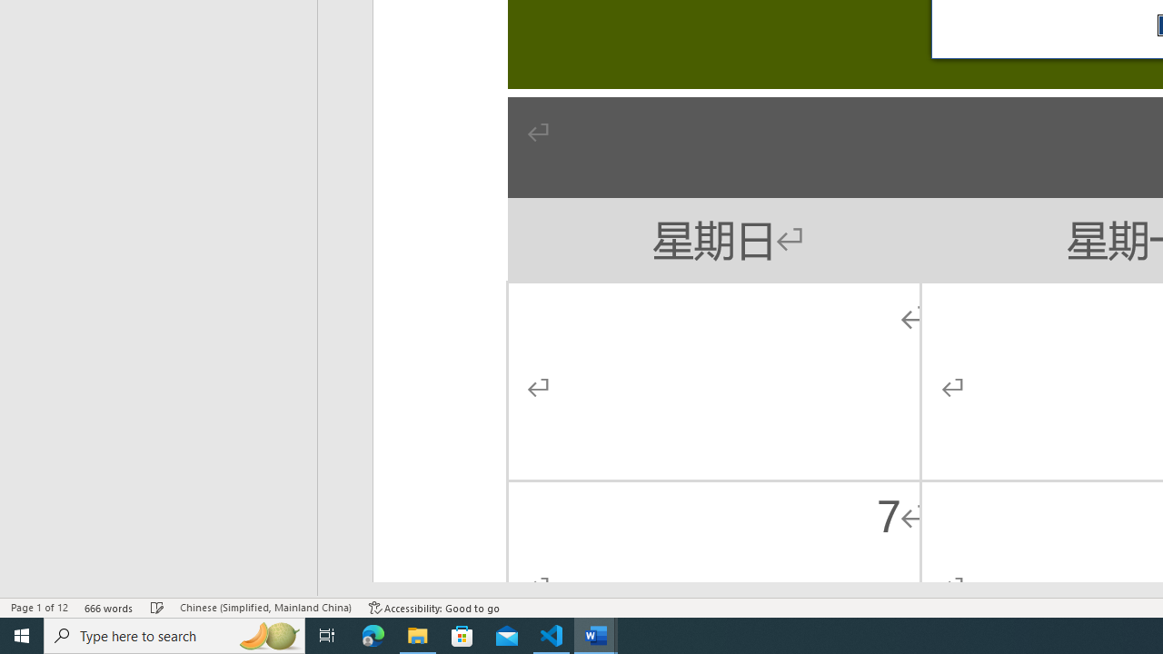 The height and width of the screenshot is (654, 1163). Describe the element at coordinates (373, 634) in the screenshot. I see `'Microsoft Edge'` at that location.